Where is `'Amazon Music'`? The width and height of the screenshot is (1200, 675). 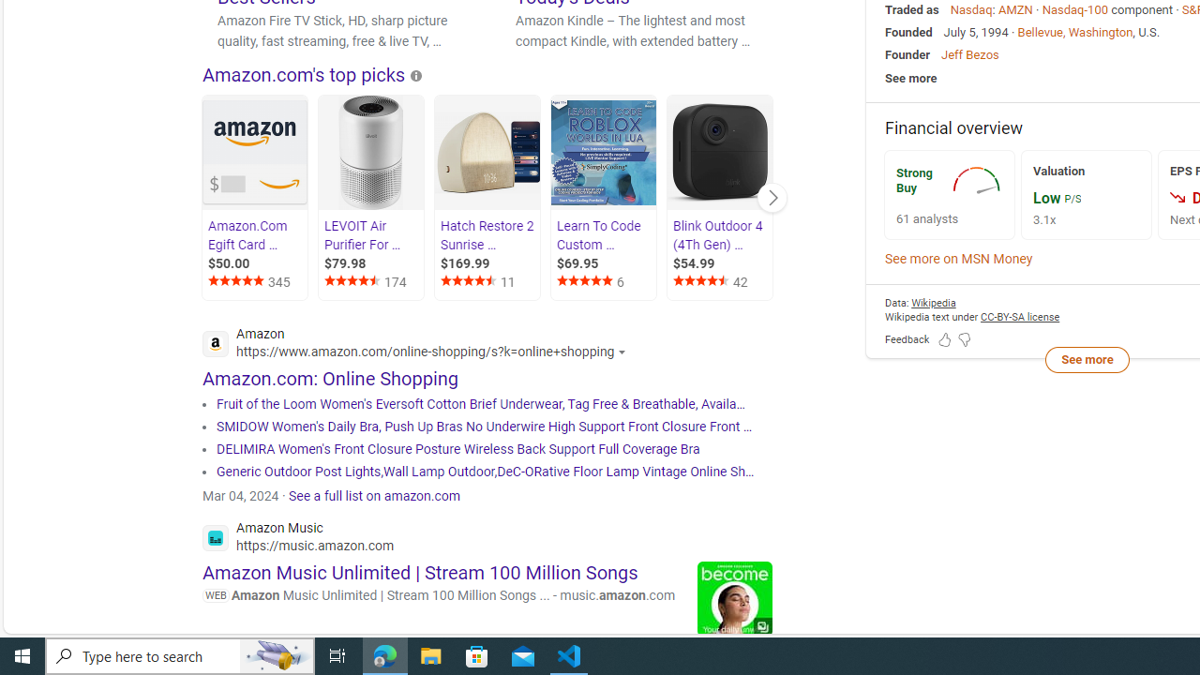 'Amazon Music' is located at coordinates (297, 539).